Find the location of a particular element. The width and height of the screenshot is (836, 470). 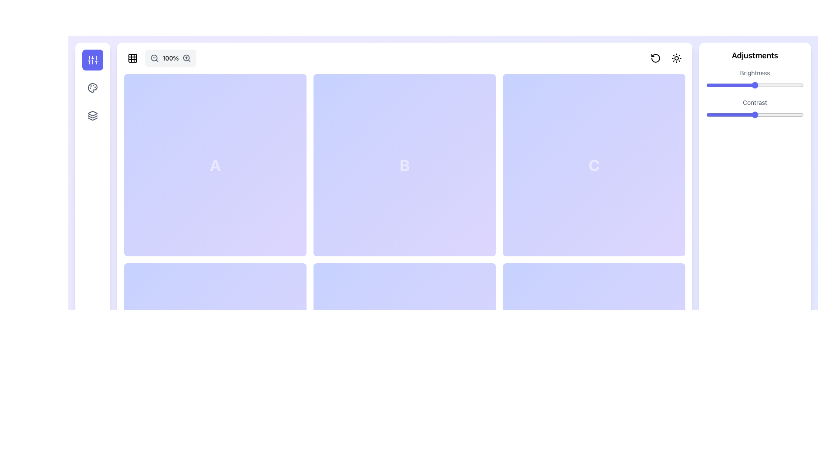

contrast is located at coordinates (737, 114).